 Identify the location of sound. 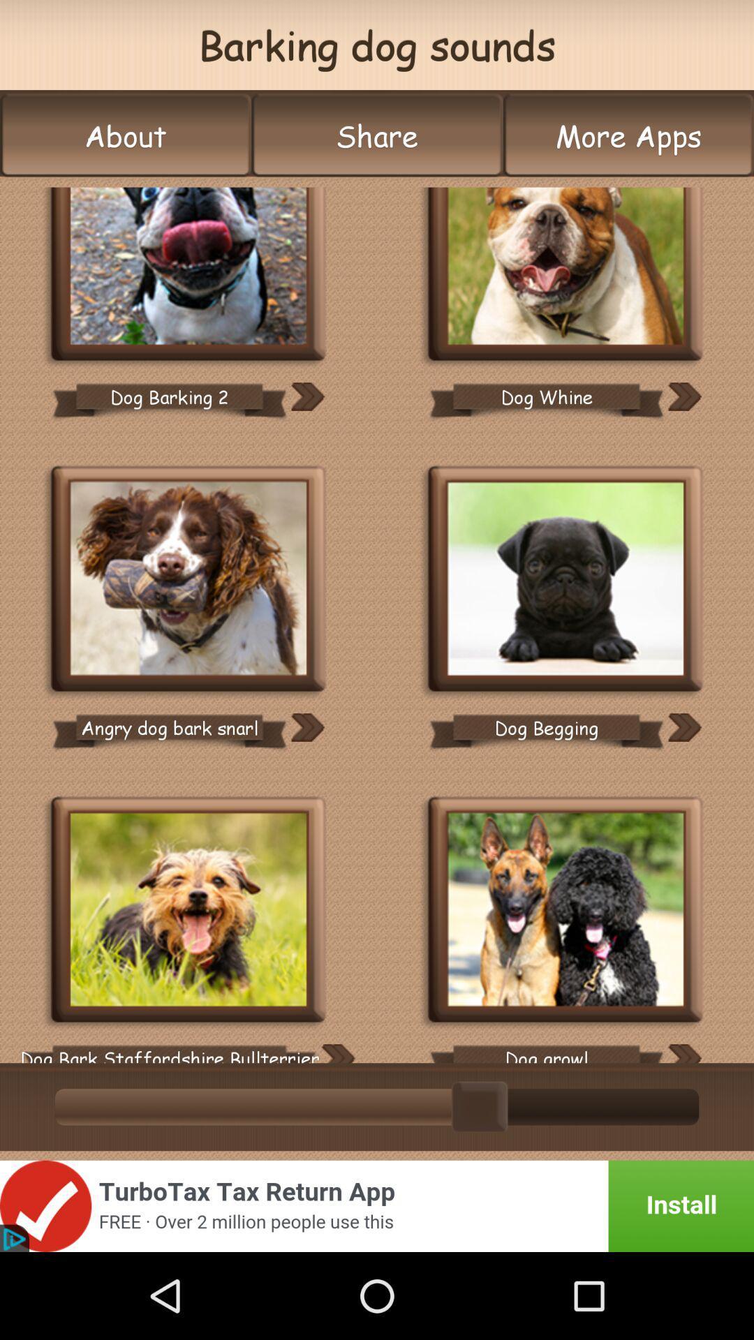
(683, 396).